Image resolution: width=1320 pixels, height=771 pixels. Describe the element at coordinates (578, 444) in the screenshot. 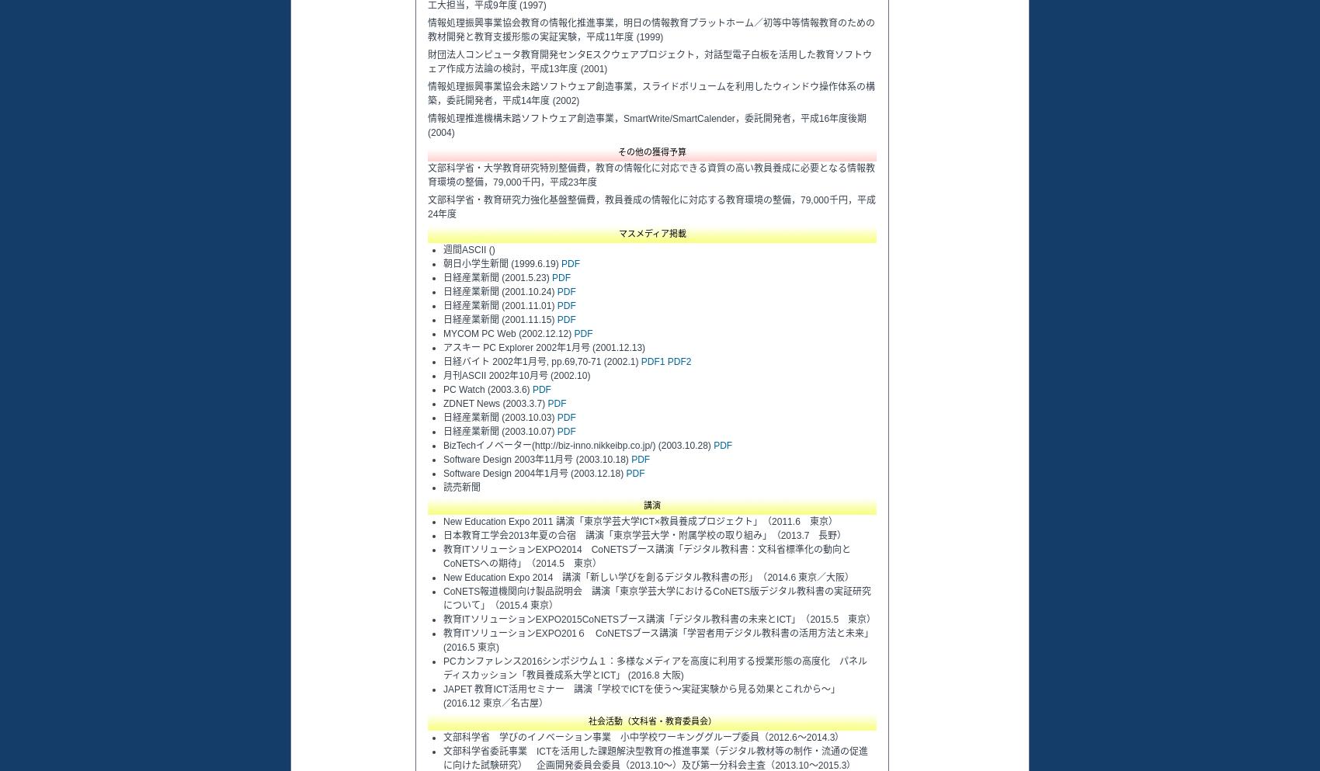

I see `'BizTechイノベーター(http://biz-inno.nikkeibp.co.jp/) (2003.10.28)'` at that location.